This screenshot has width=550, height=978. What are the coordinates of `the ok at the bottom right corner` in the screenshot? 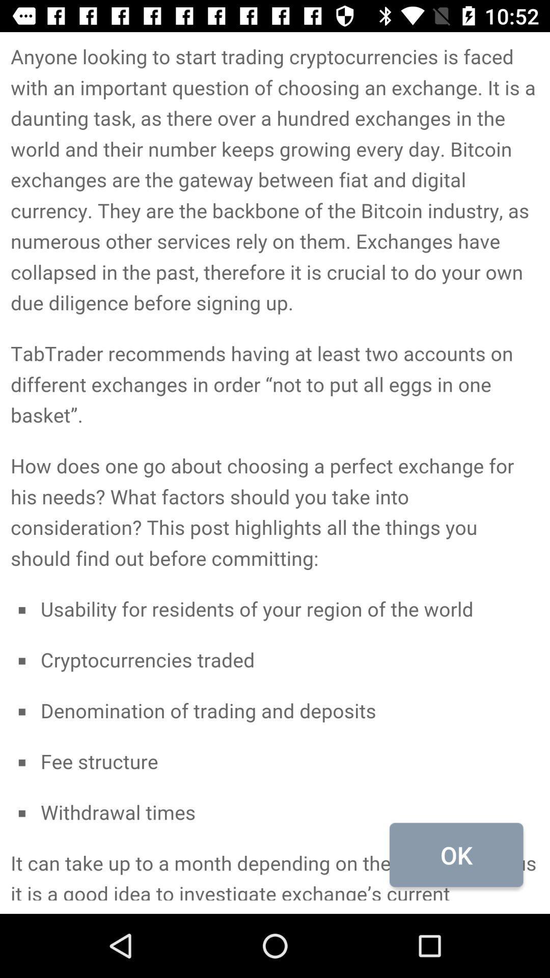 It's located at (456, 855).